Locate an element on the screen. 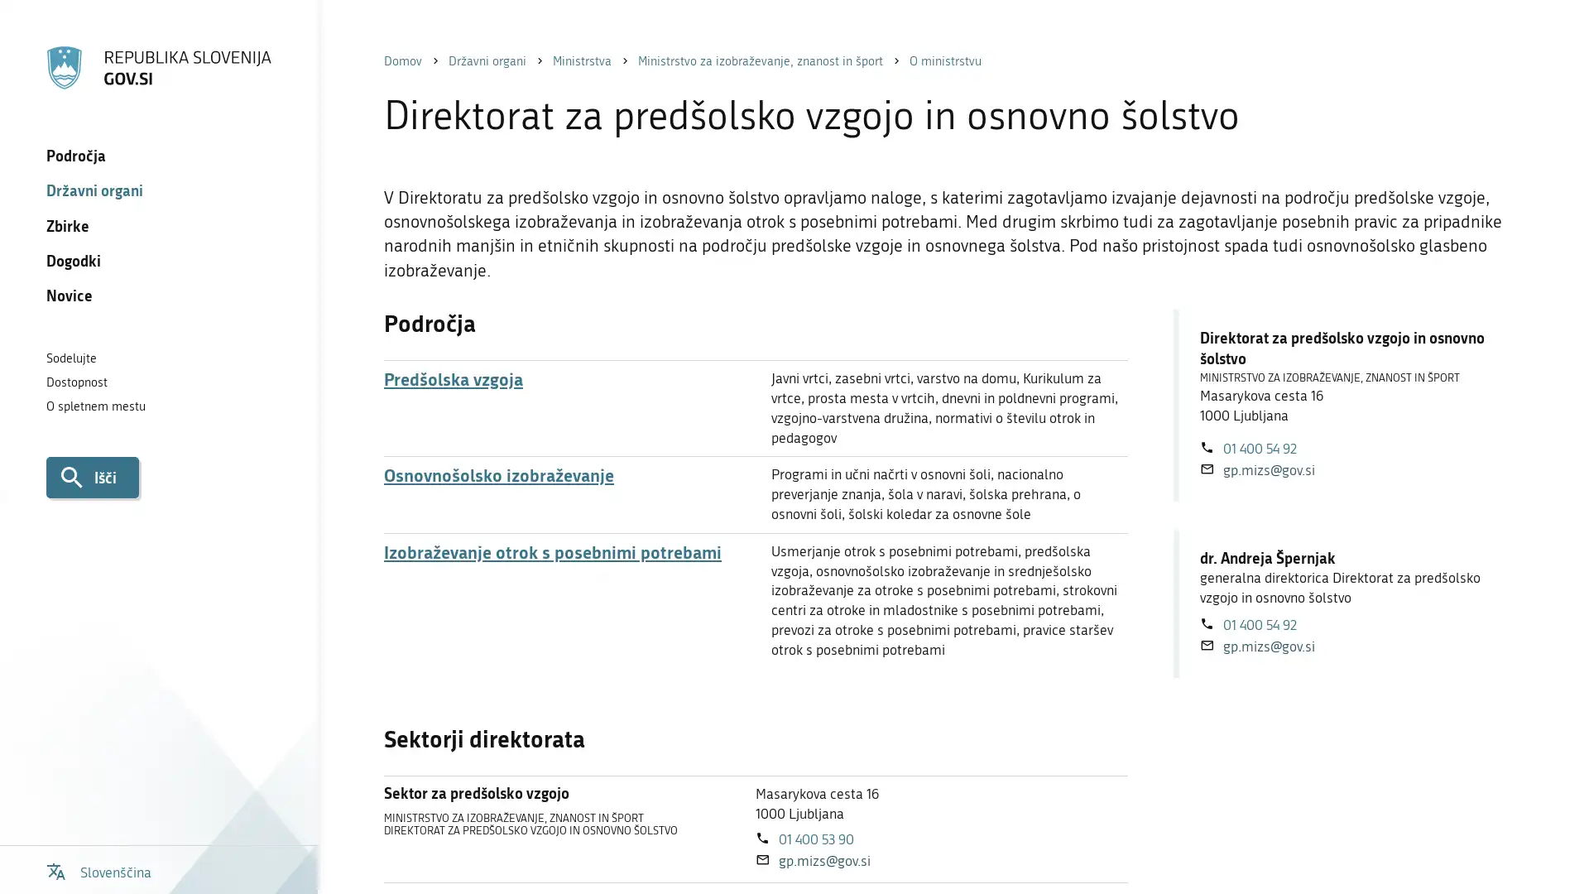 The height and width of the screenshot is (894, 1589). Zapri iskalnik is located at coordinates (1540, 41).